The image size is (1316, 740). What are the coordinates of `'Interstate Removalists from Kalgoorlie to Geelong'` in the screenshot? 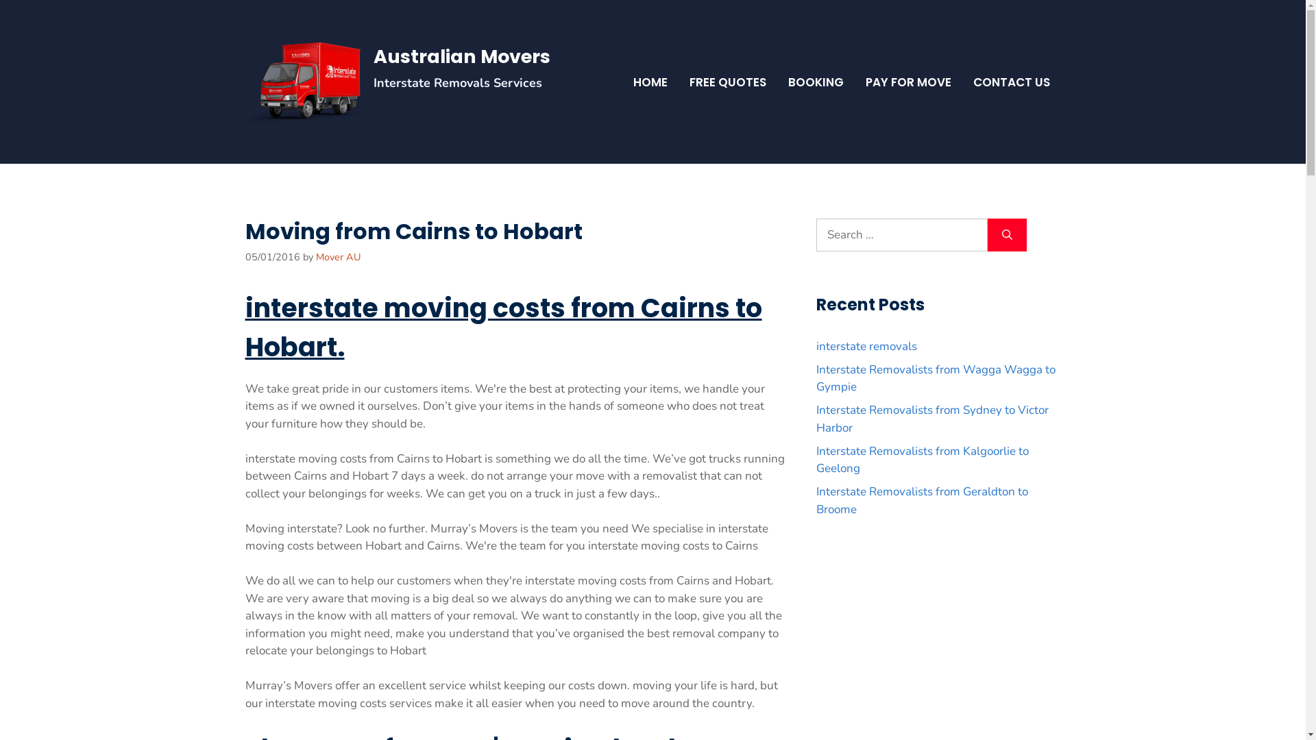 It's located at (921, 460).